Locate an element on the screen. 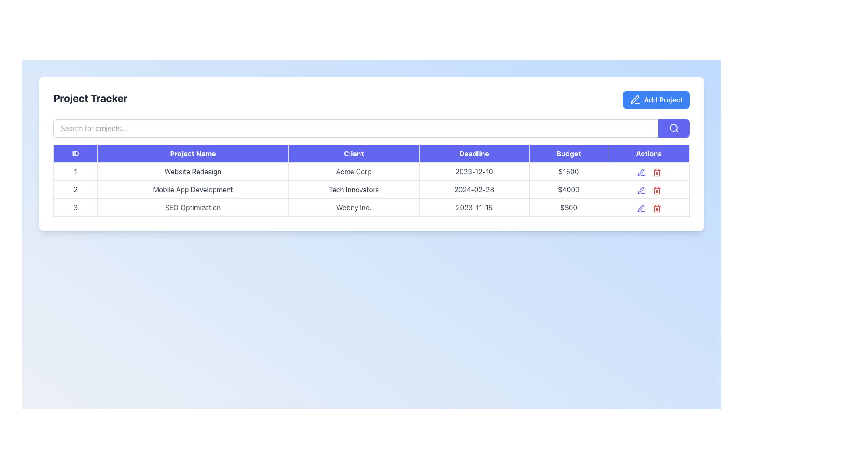 The width and height of the screenshot is (841, 473). the monetary value text label in the 'Budget' column of the first row in the table, which is the fifth column following the 'Deadline' column is located at coordinates (569, 172).